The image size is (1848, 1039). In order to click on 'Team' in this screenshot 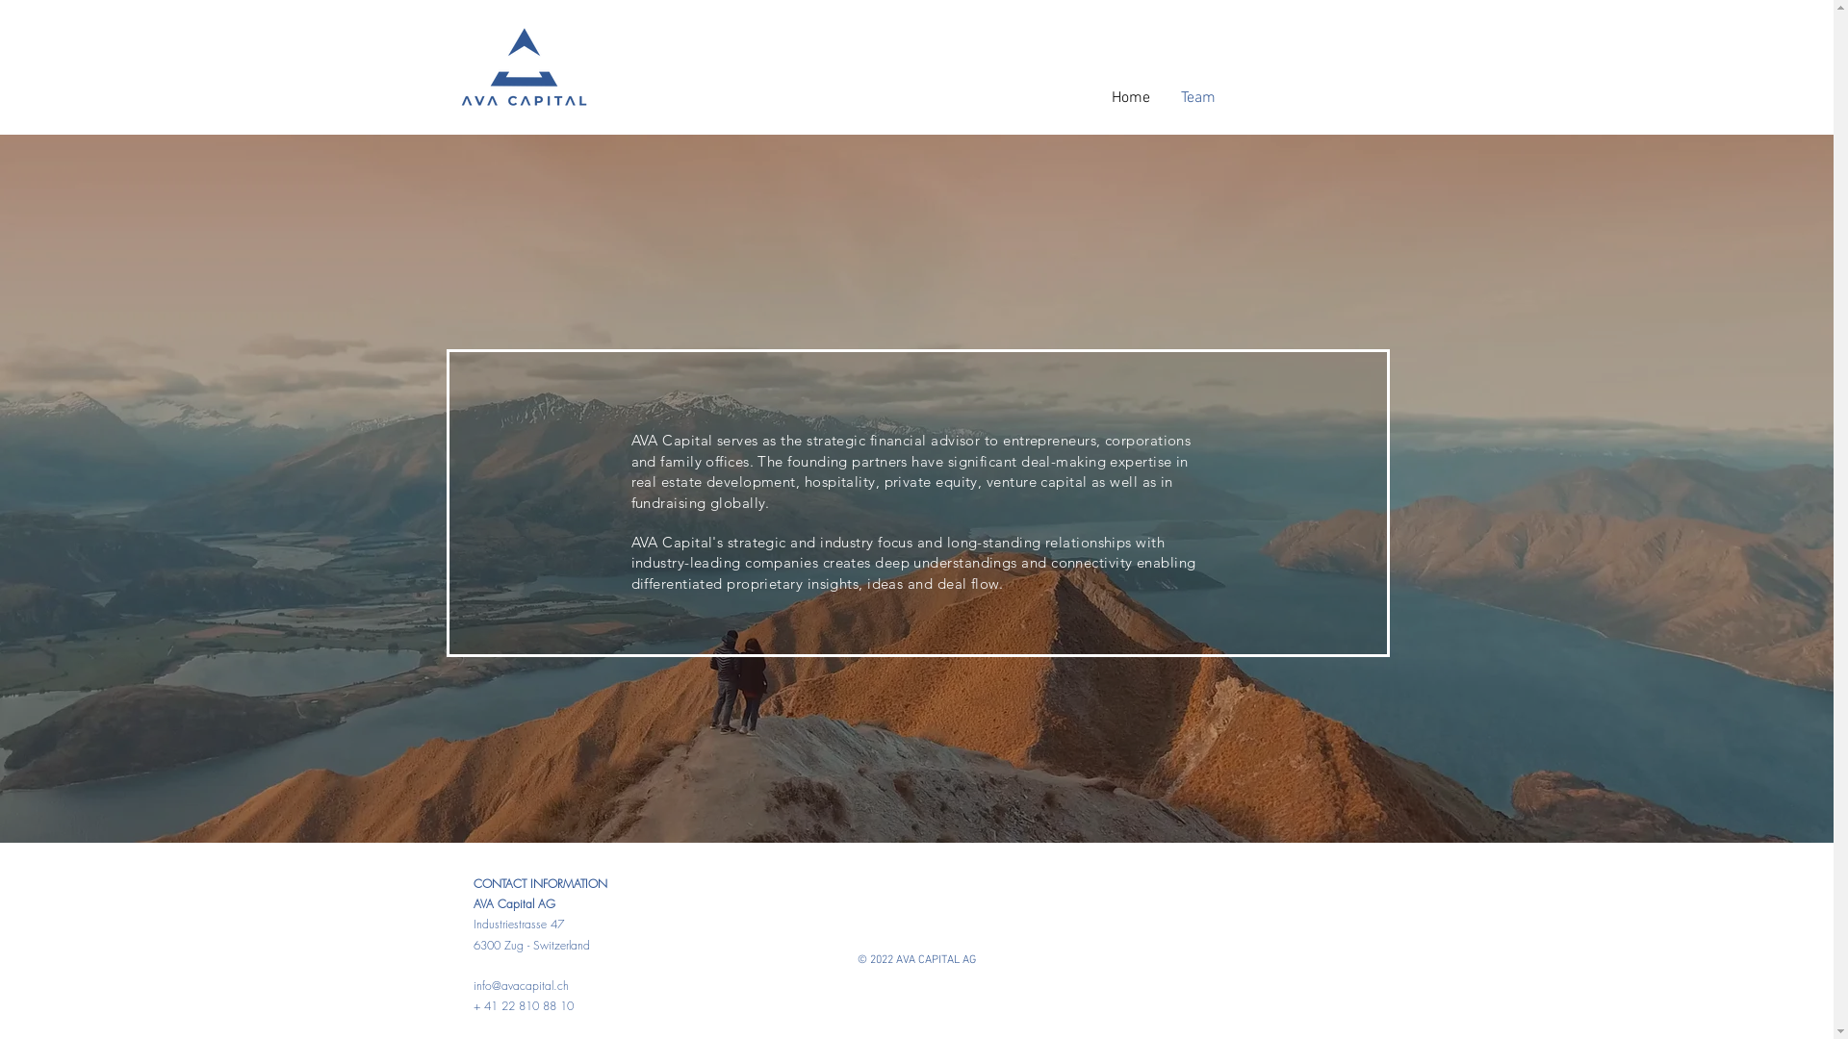, I will do `click(1163, 98)`.